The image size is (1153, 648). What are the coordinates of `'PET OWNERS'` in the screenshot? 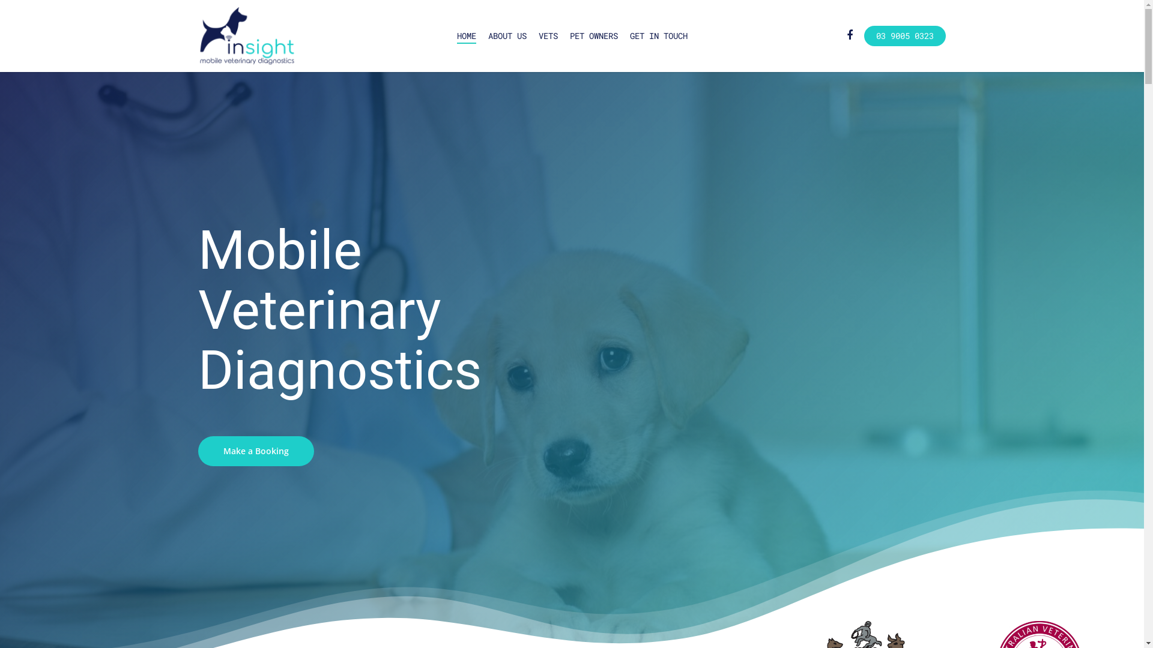 It's located at (569, 35).